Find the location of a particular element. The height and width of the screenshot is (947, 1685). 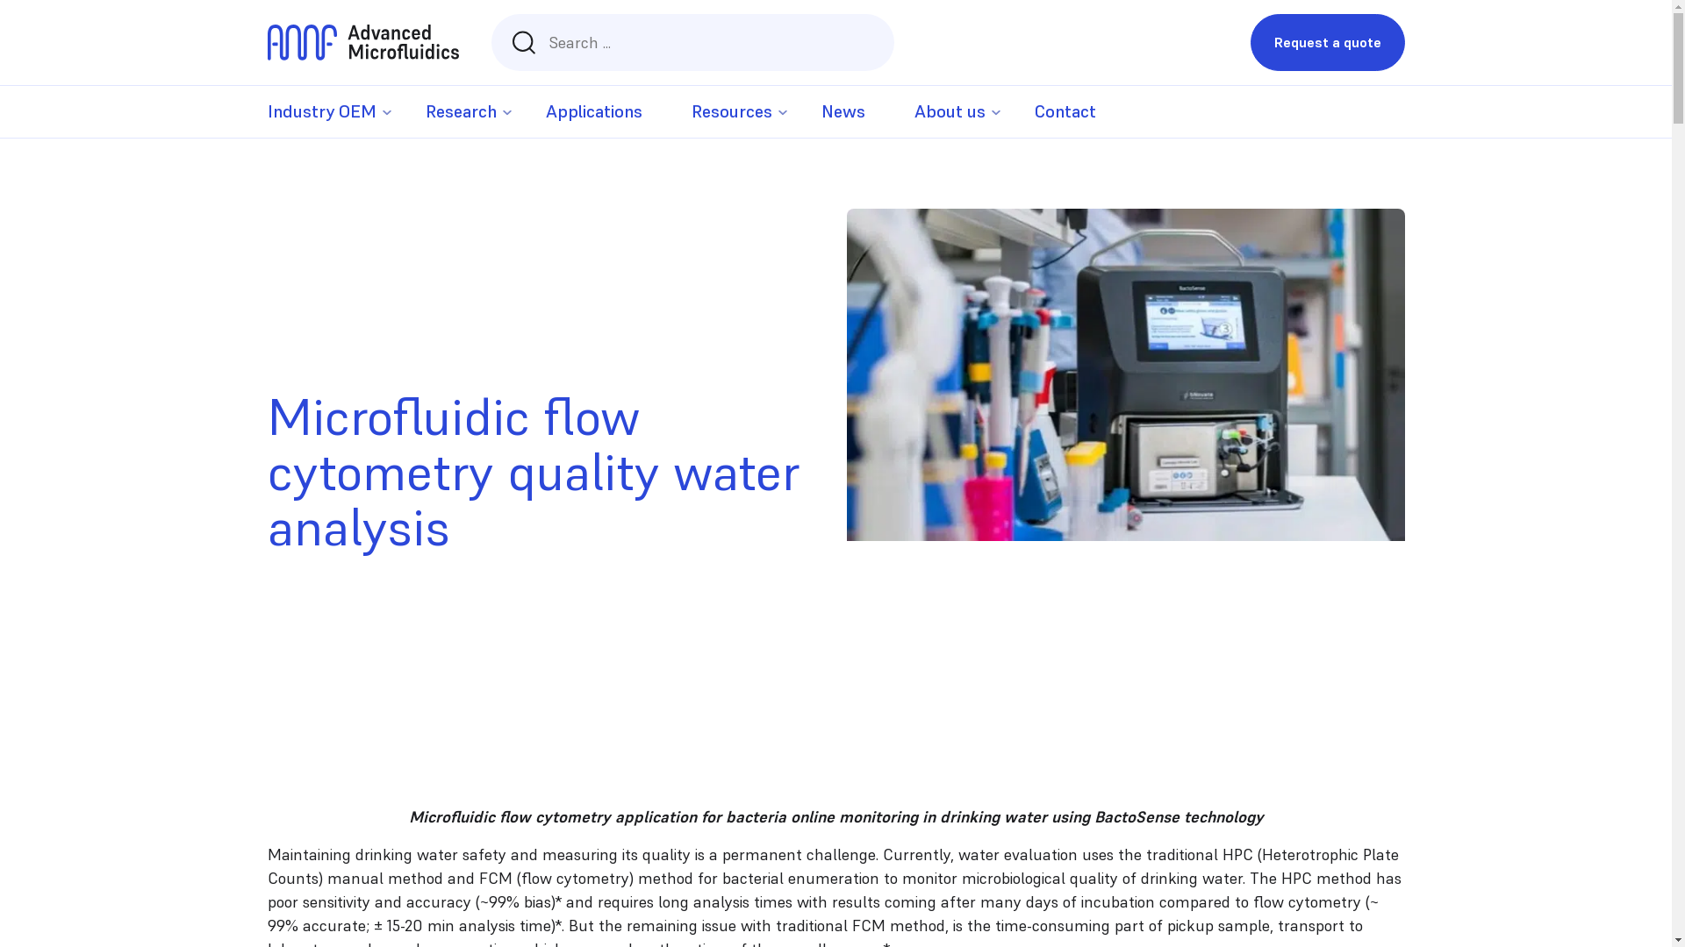

'Resources' is located at coordinates (732, 111).